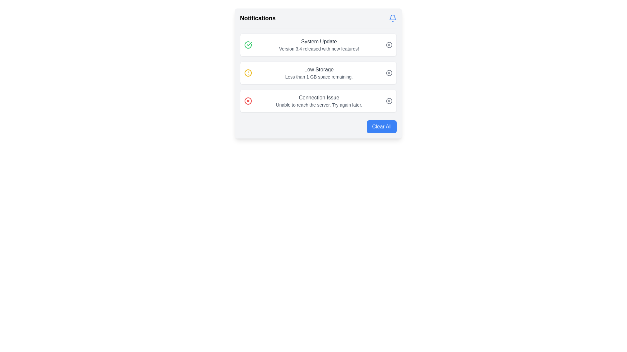 The width and height of the screenshot is (627, 352). What do you see at coordinates (319, 73) in the screenshot?
I see `the notification card that contains the low storage space notification text block, located in the second row of notifications by moving to its center area` at bounding box center [319, 73].